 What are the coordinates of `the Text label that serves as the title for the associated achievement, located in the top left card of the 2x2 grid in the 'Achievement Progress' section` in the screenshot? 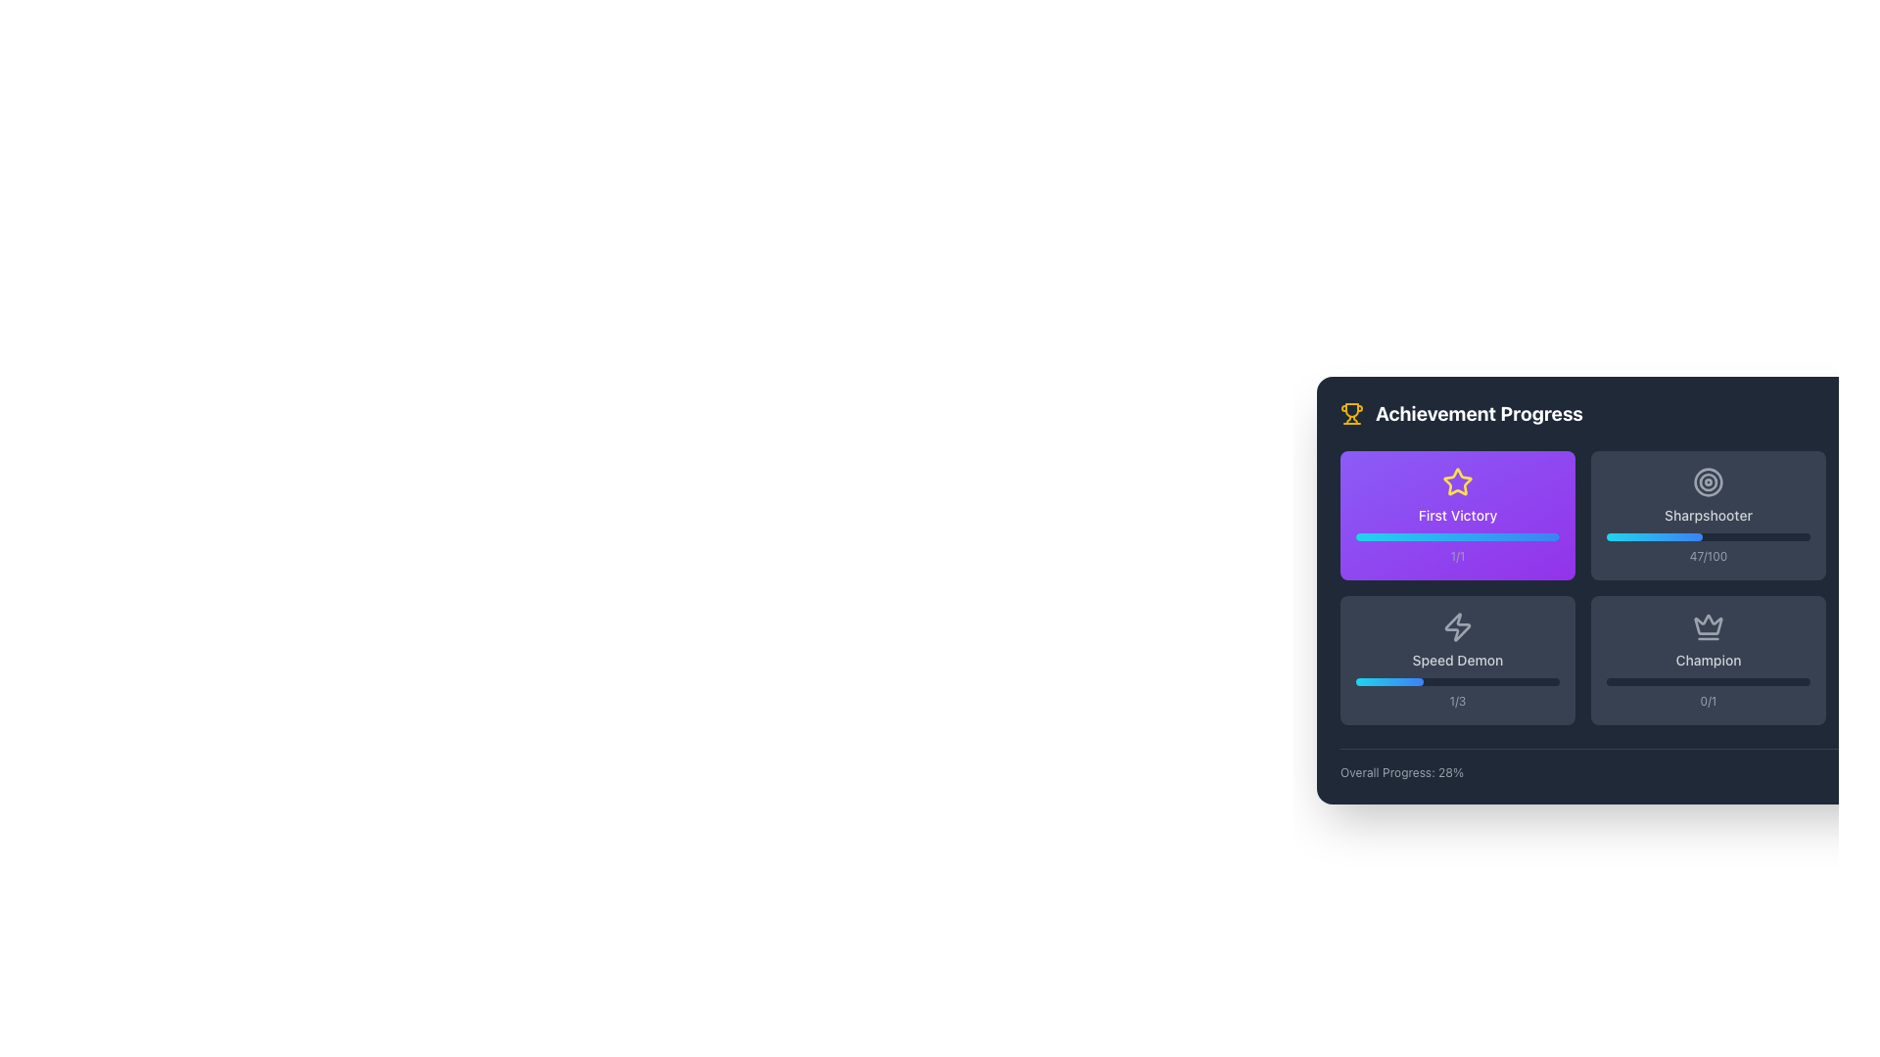 It's located at (1457, 515).